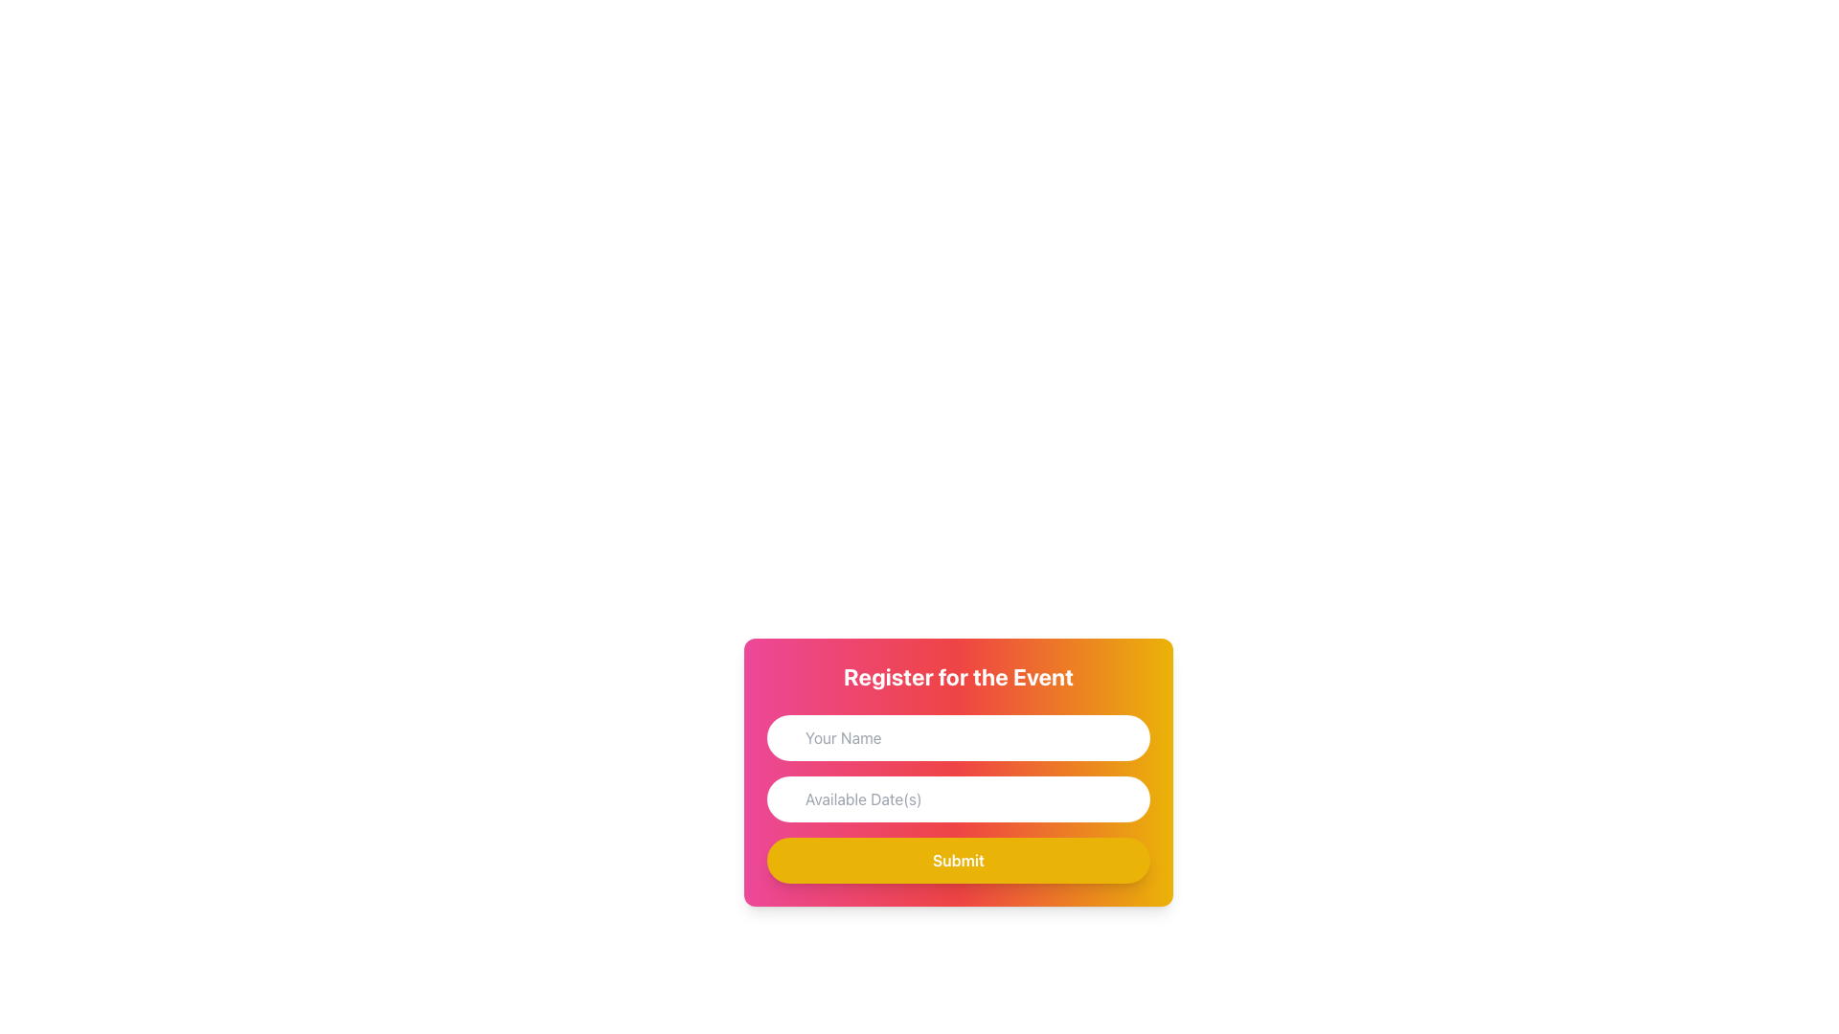 This screenshot has height=1034, width=1839. I want to click on the graphic icon representing a user silhouette, located near the left edge of the 'Your Name' input field within the 'Register for the Event' card interface, so click(787, 734).